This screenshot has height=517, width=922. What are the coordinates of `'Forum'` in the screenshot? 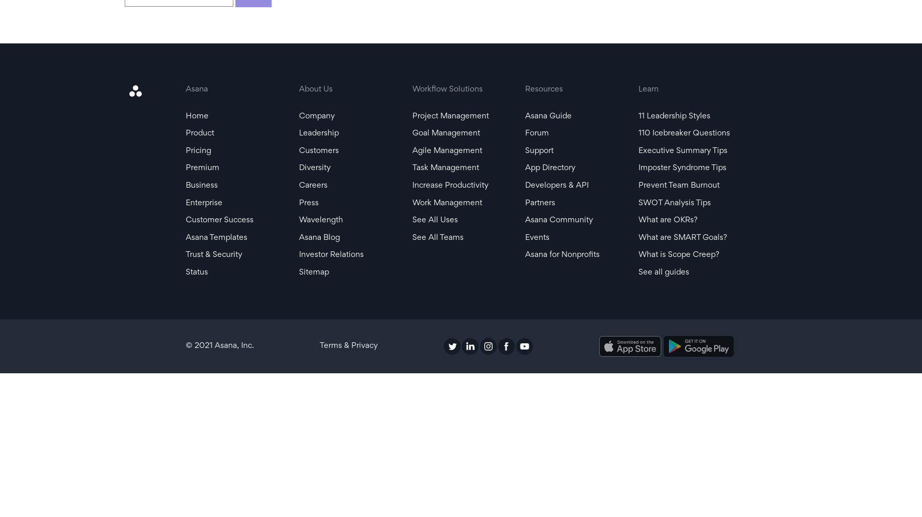 It's located at (537, 133).